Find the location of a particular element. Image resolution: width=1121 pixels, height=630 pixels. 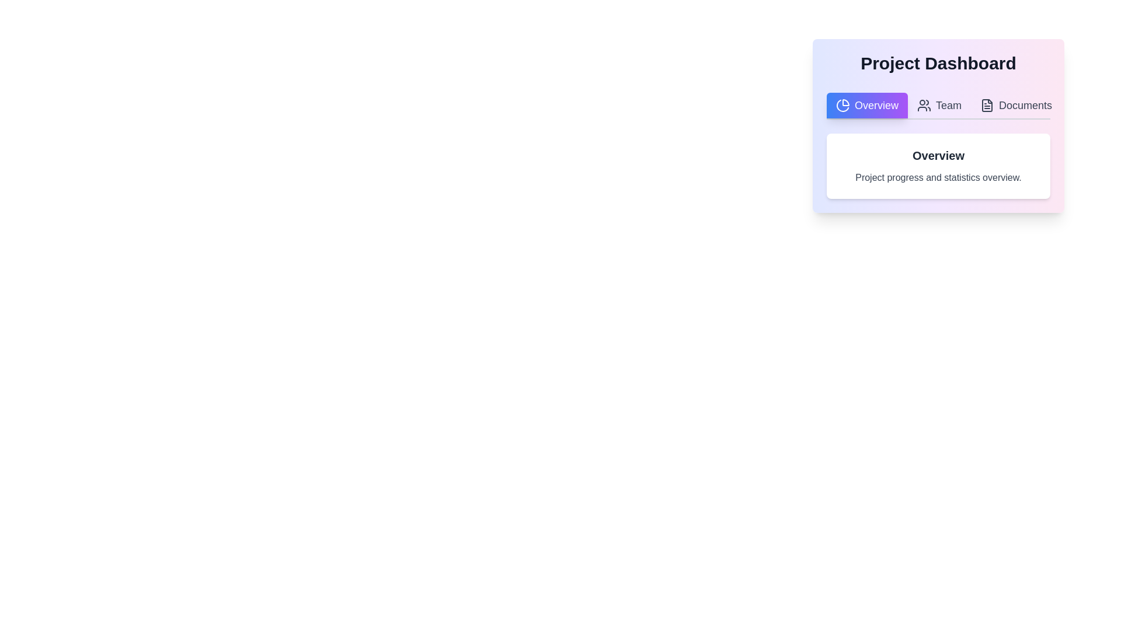

the Documents tab to view its content is located at coordinates (1015, 106).